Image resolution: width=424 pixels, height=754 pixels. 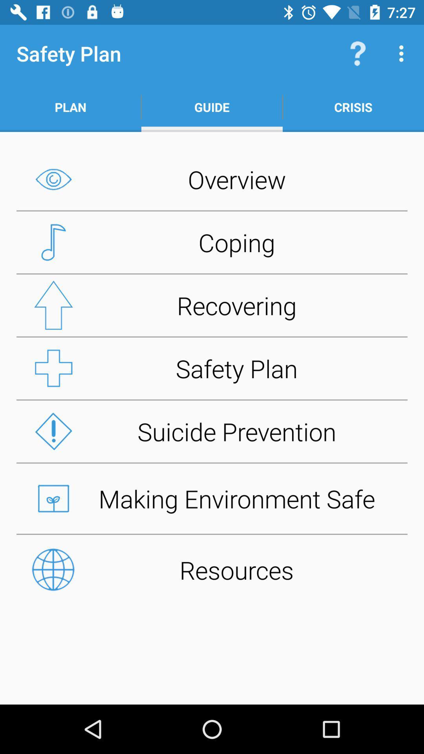 What do you see at coordinates (358, 53) in the screenshot?
I see `item to the right of the guide item` at bounding box center [358, 53].